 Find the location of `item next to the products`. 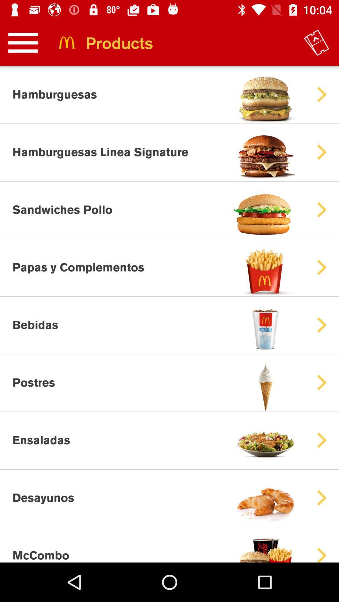

item next to the products is located at coordinates (316, 42).